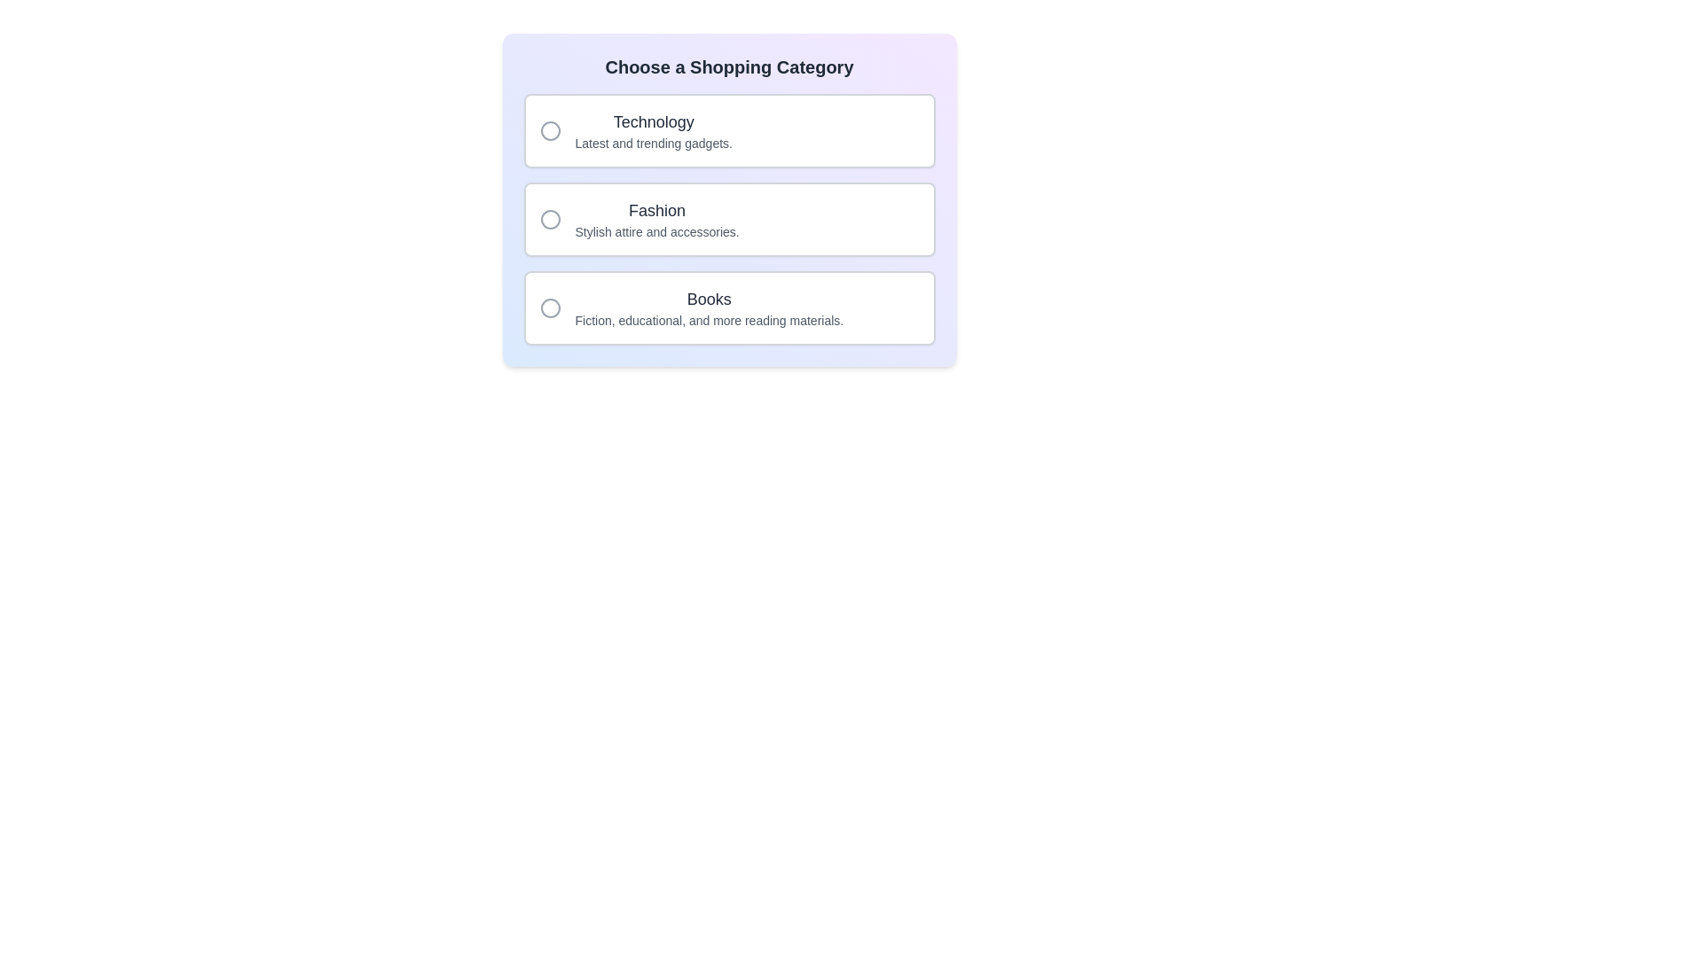  Describe the element at coordinates (549, 307) in the screenshot. I see `the circular icon outlined with a gray border located at the left edge of the 'Books' card` at that location.